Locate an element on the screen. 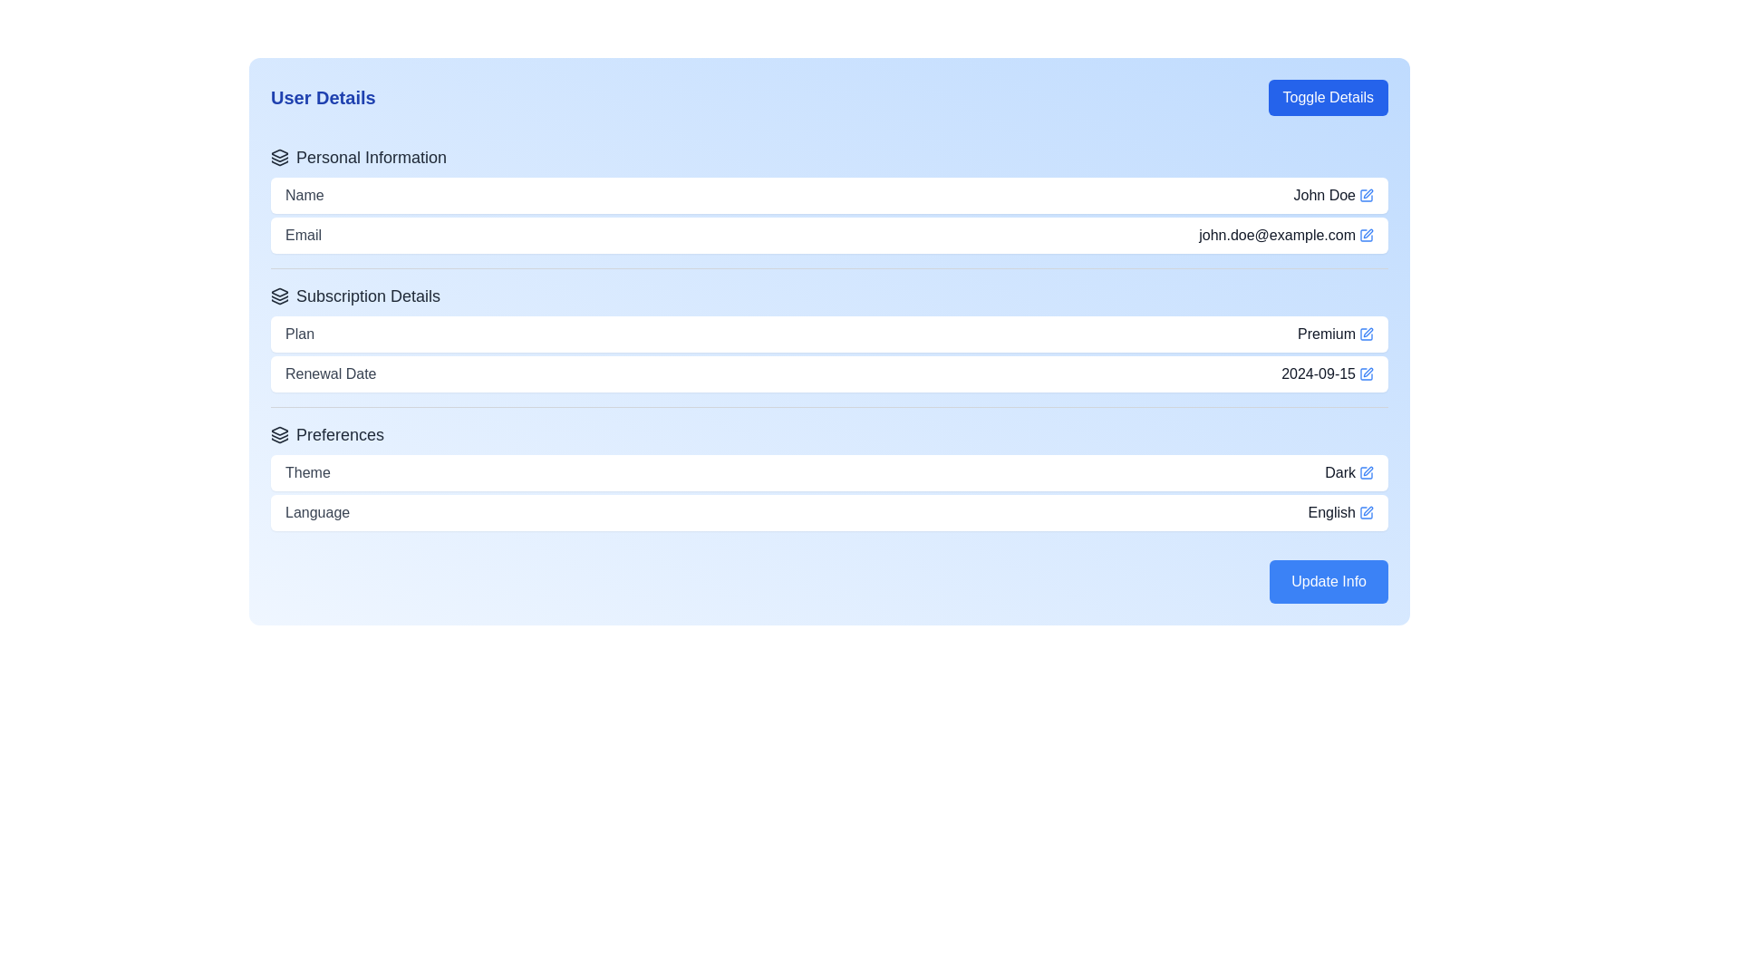 The width and height of the screenshot is (1740, 979). the edit icon adjacent to the user's name in the 'Personal Information' section is located at coordinates (1333, 196).